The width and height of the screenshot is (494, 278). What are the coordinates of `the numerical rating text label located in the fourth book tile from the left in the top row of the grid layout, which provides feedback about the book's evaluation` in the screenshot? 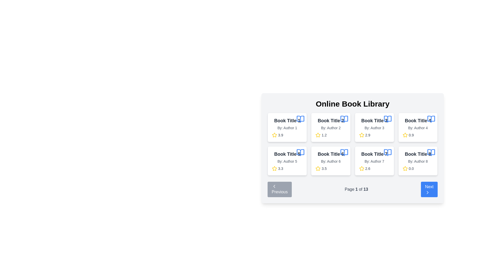 It's located at (411, 135).